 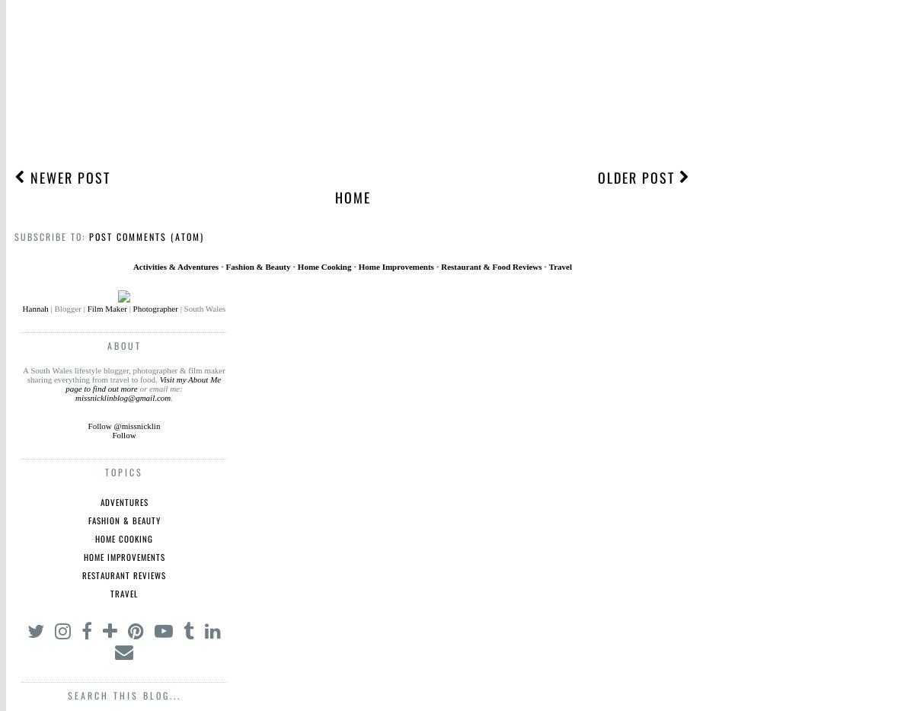 I want to click on '| South Wales', so click(x=201, y=309).